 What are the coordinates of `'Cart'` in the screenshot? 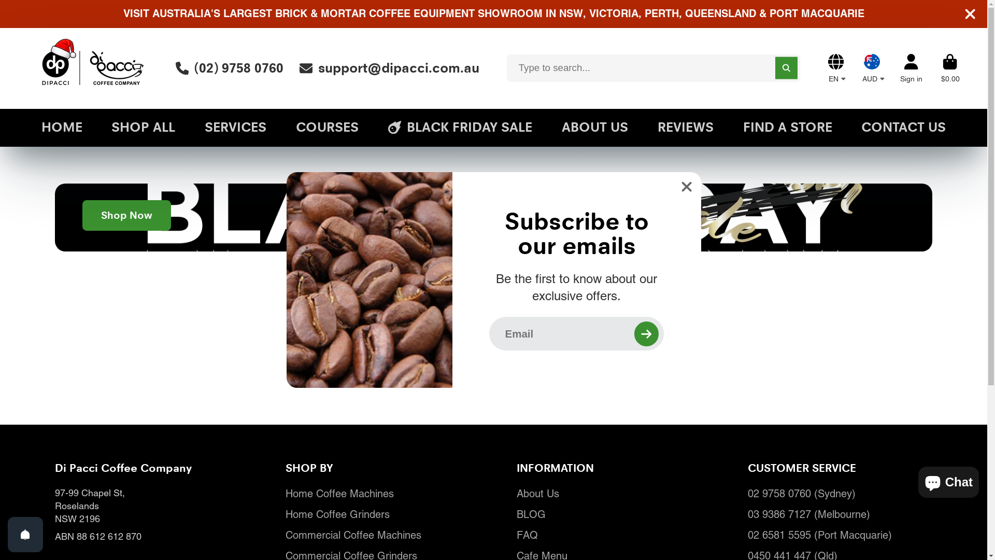 It's located at (950, 68).